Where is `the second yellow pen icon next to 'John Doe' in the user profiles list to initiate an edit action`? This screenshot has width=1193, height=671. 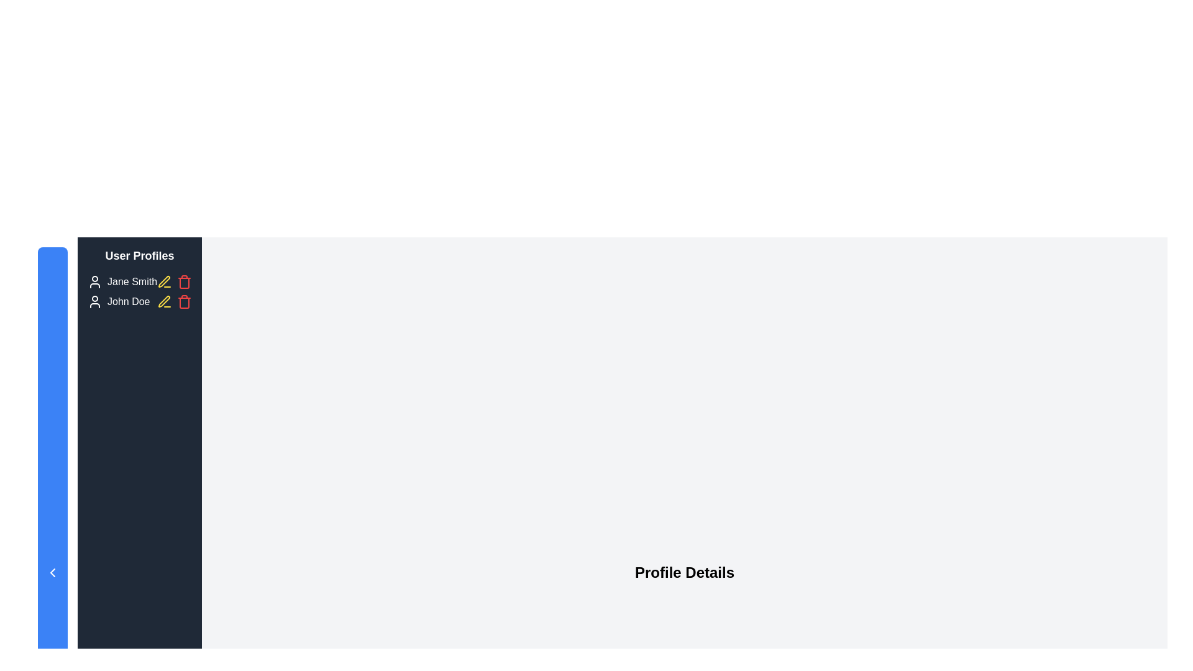 the second yellow pen icon next to 'John Doe' in the user profiles list to initiate an edit action is located at coordinates (163, 301).